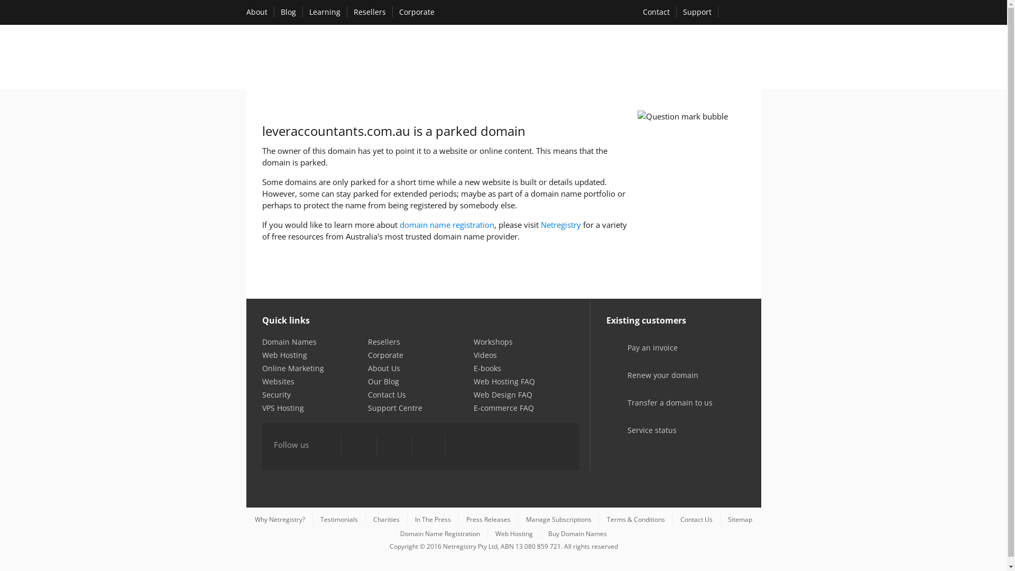 The width and height of the screenshot is (1015, 571). I want to click on 'Buy Domain Names', so click(577, 533).